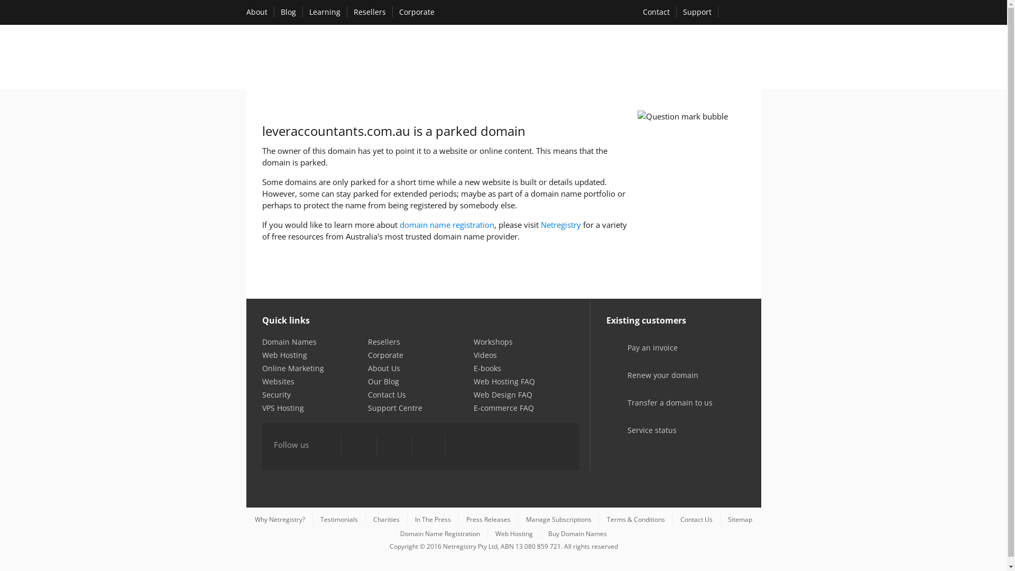 The width and height of the screenshot is (1015, 571). I want to click on 'Buy Domain Names', so click(577, 533).